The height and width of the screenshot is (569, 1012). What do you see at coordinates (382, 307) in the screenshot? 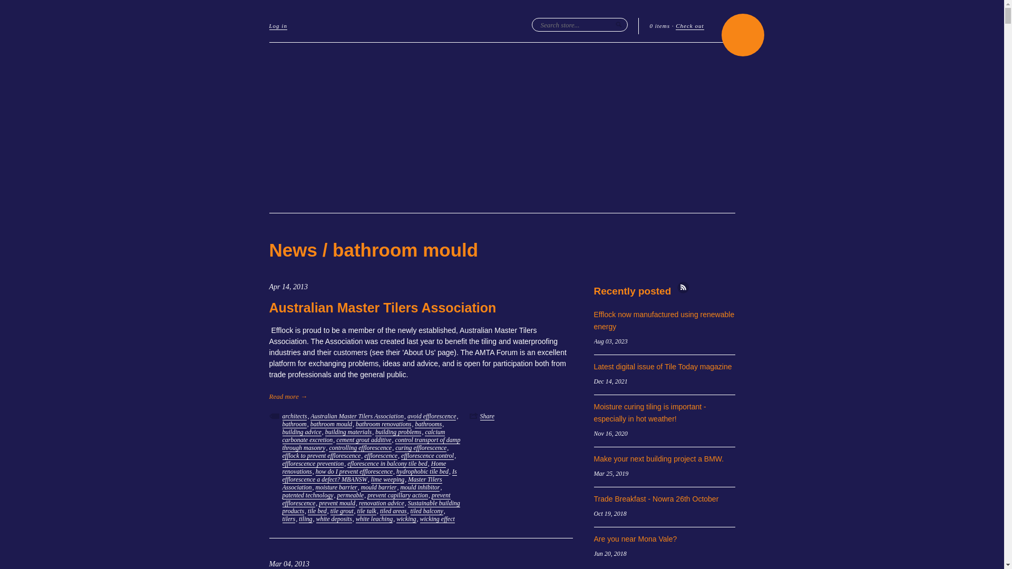
I see `'Australian Master Tilers Association'` at bounding box center [382, 307].